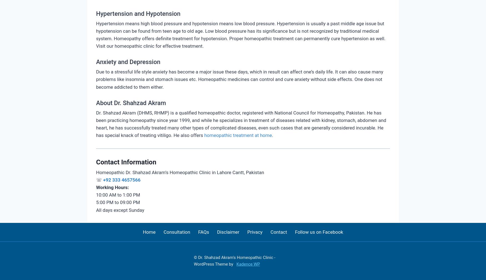 This screenshot has width=486, height=280. Describe the element at coordinates (120, 209) in the screenshot. I see `'All days except Sunday'` at that location.